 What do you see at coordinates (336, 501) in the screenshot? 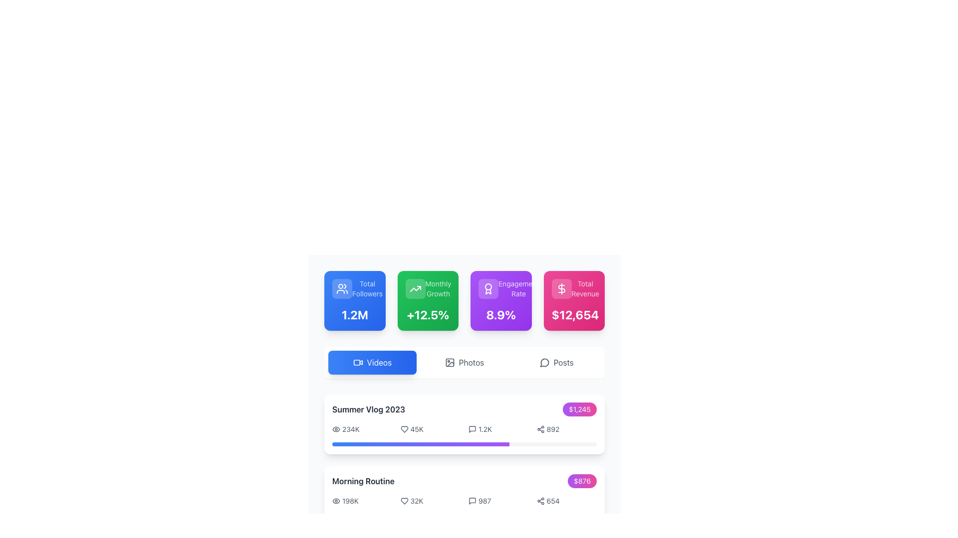
I see `the eye-shaped visibility icon that indicates views, located to the left of the text '198K'` at bounding box center [336, 501].